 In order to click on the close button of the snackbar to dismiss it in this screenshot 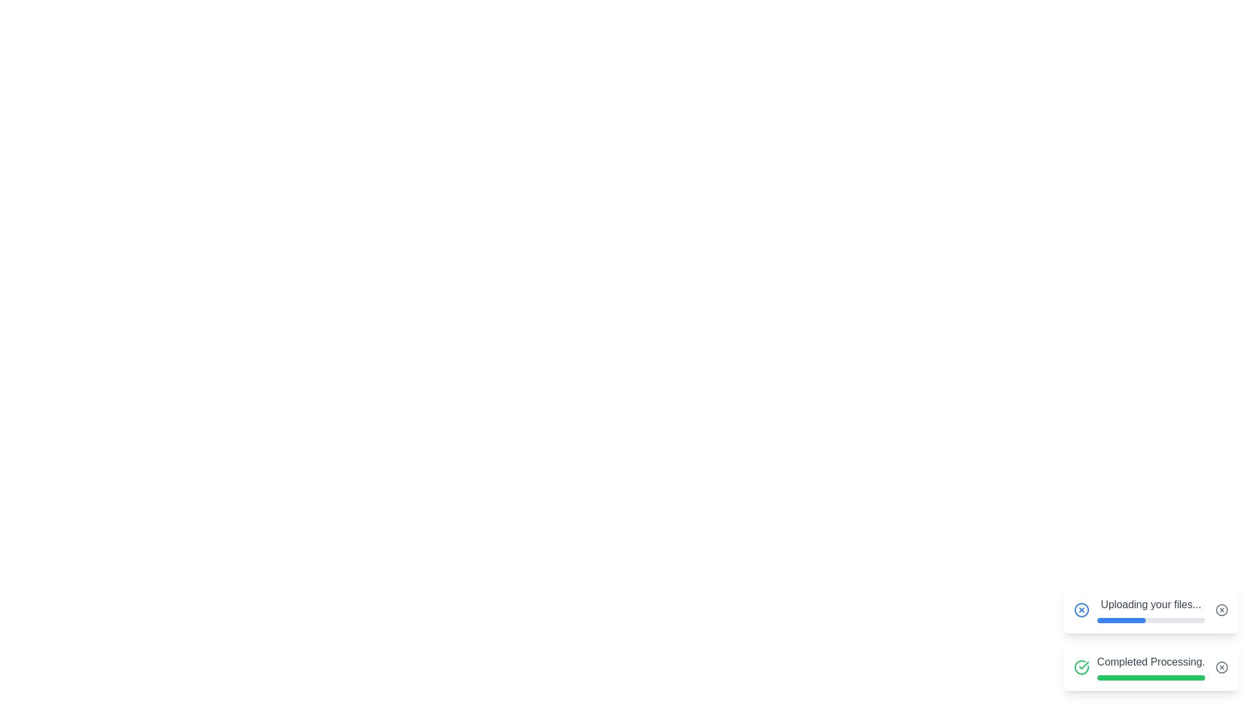, I will do `click(1221, 610)`.